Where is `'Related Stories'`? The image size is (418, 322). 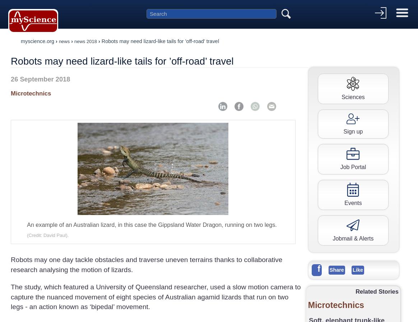
'Related Stories' is located at coordinates (355, 291).